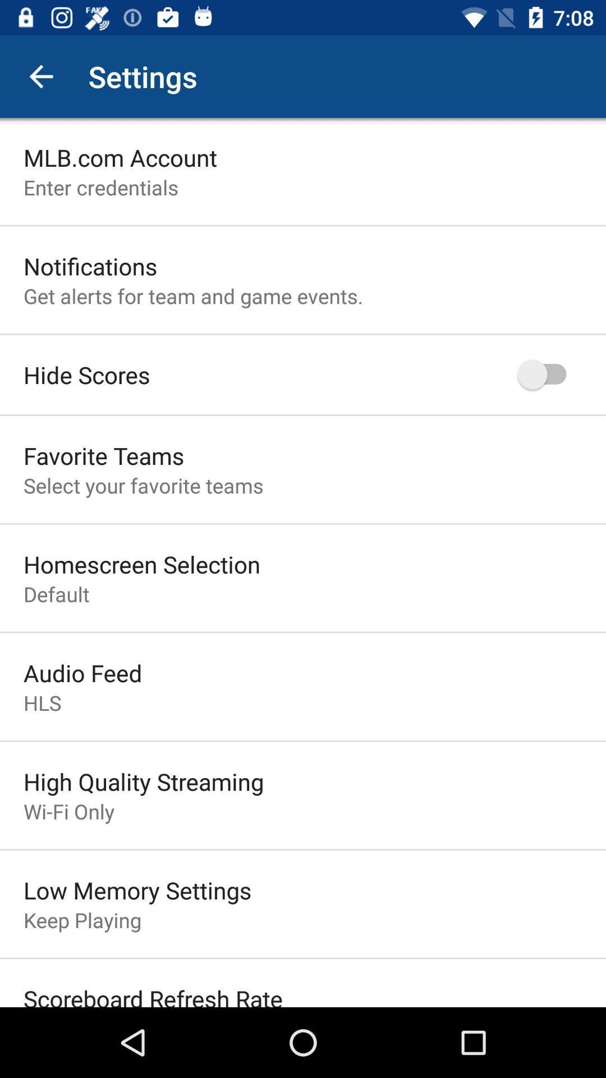 This screenshot has width=606, height=1078. I want to click on high quality streaming item, so click(143, 781).